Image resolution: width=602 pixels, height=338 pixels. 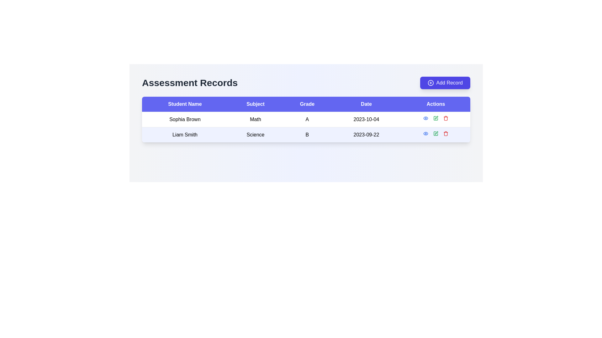 What do you see at coordinates (436, 132) in the screenshot?
I see `the edit button (pencil icon) in the actions column of the second row for 'Liam Smith' to initiate edit mode for the table row` at bounding box center [436, 132].